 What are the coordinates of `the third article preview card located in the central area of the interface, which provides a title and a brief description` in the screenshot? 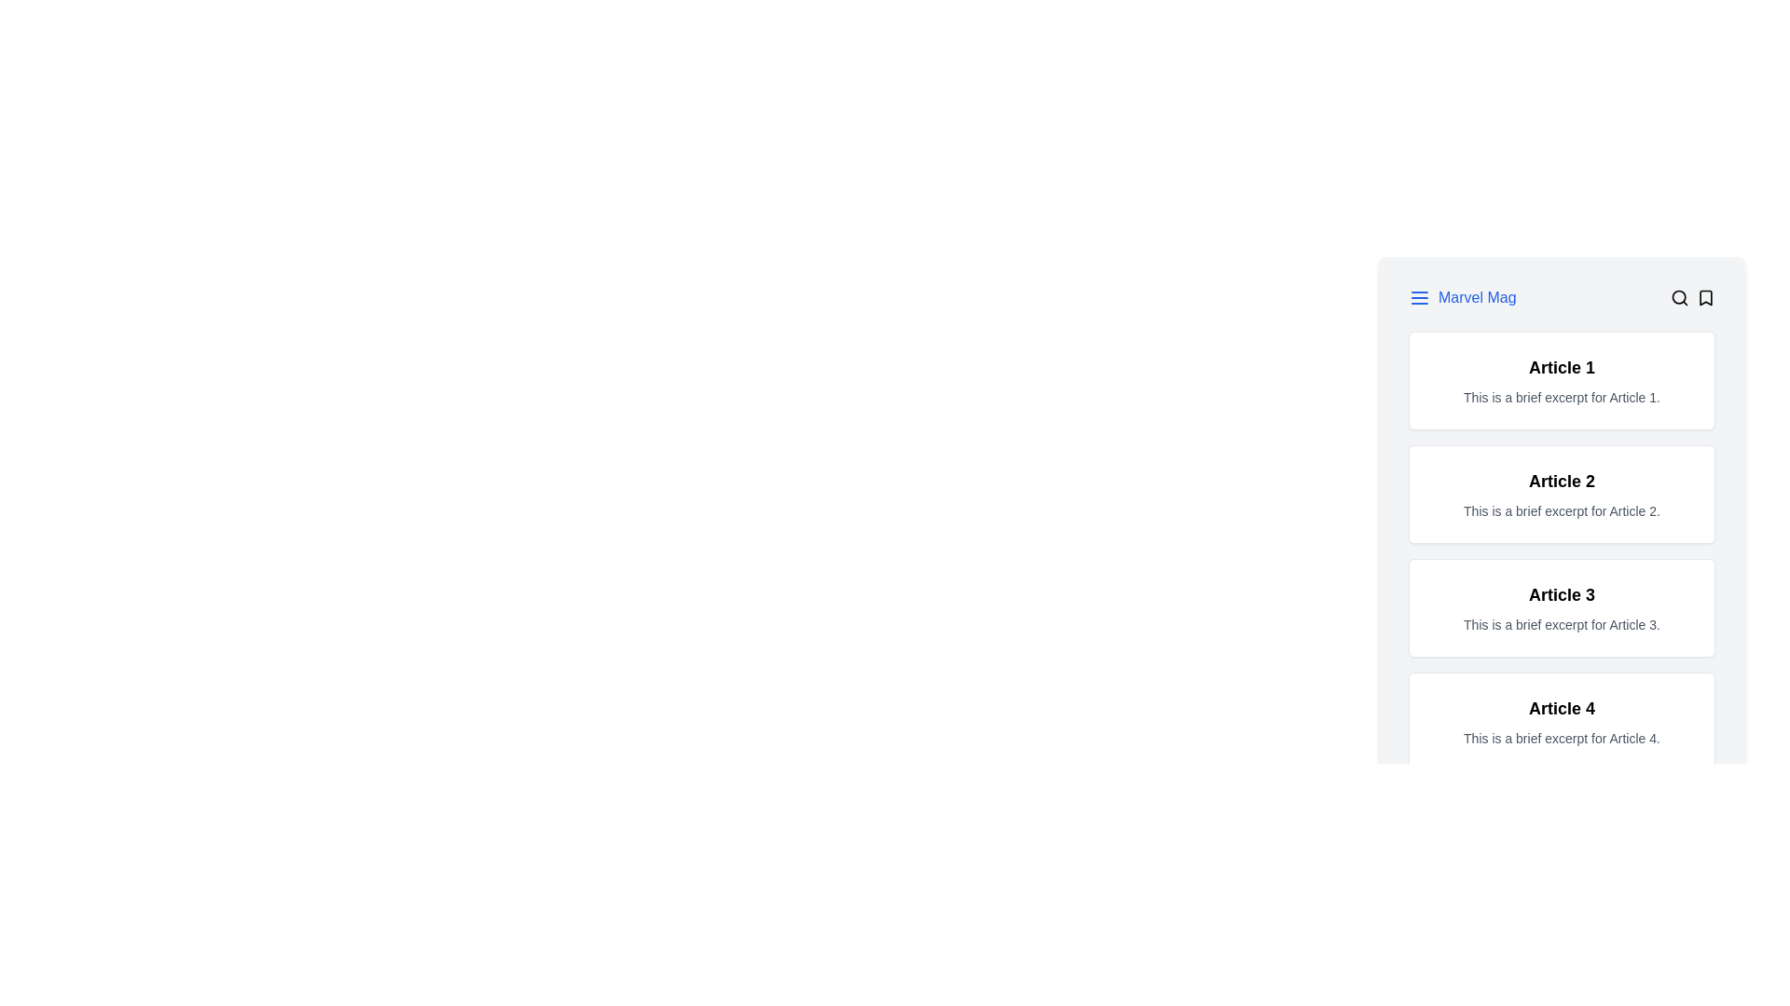 It's located at (1562, 607).